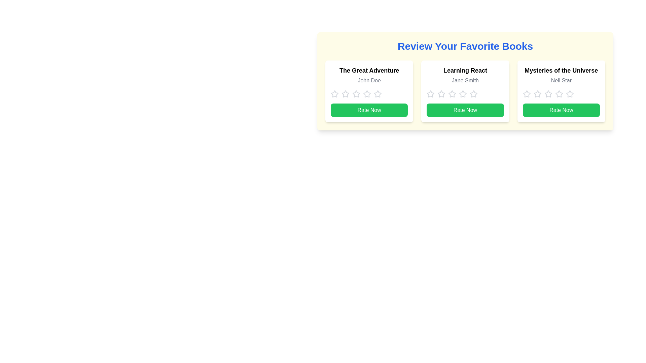  What do you see at coordinates (431, 94) in the screenshot?
I see `the first star icon in the five-star rating system under the title 'Learning React' by Jane Smith` at bounding box center [431, 94].